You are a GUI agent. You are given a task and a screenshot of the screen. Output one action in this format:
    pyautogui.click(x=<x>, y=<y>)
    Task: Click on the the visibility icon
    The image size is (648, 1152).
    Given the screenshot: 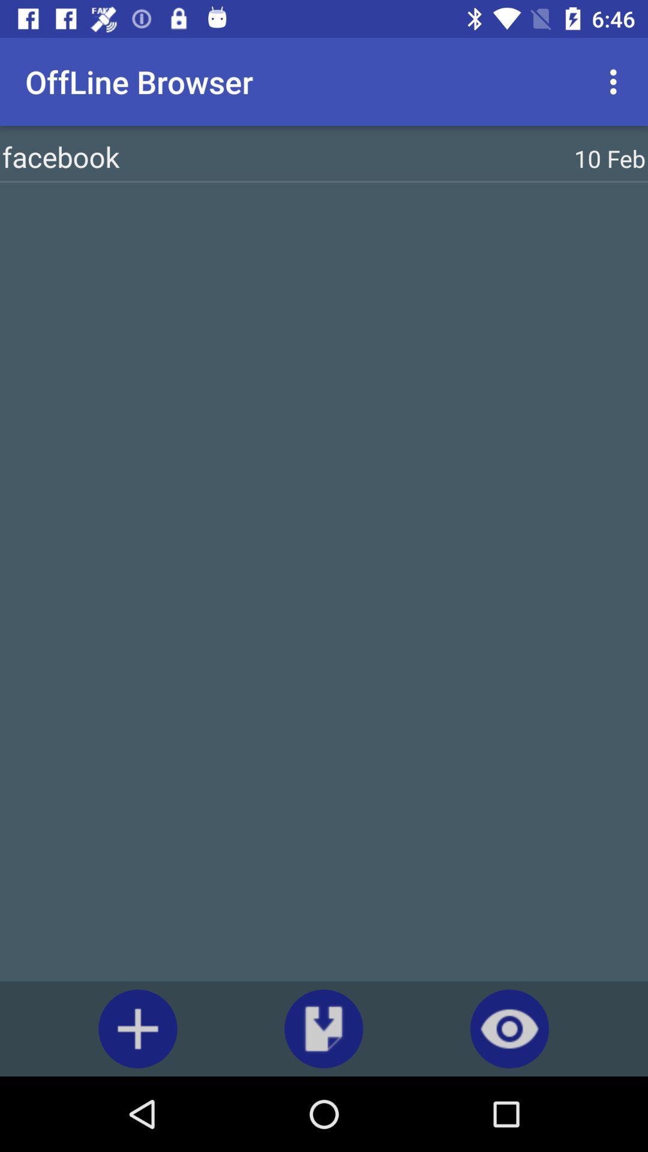 What is the action you would take?
    pyautogui.click(x=509, y=1028)
    